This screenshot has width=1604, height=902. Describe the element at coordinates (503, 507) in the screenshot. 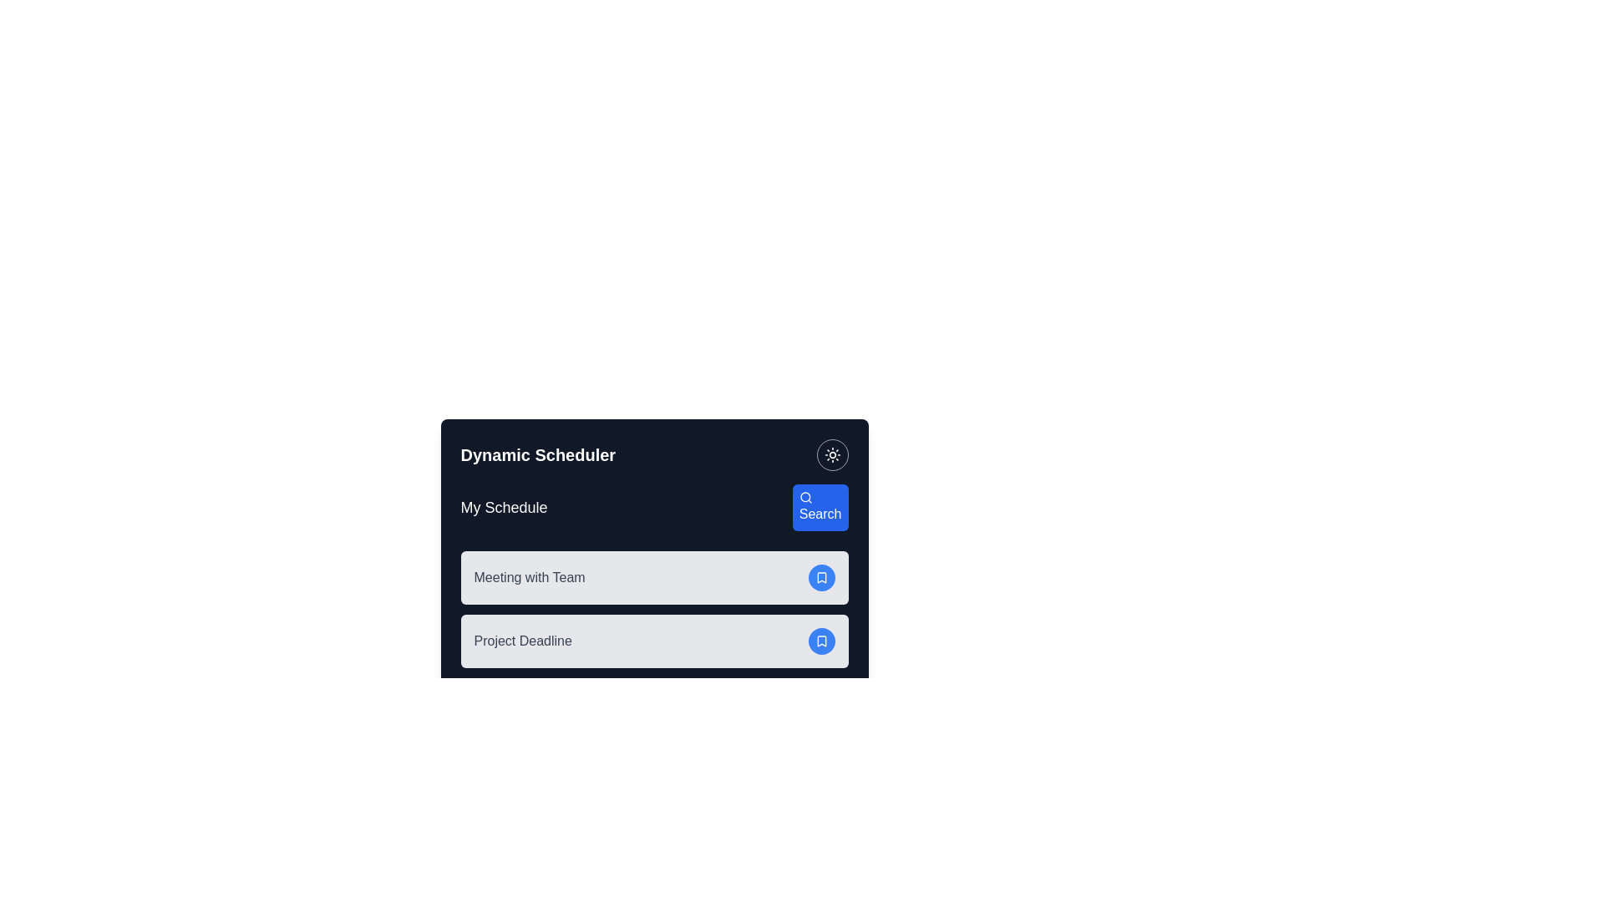

I see `the Text Label that identifies the user's schedule section in the top-left area of the interface, located to the left of the search button` at that location.